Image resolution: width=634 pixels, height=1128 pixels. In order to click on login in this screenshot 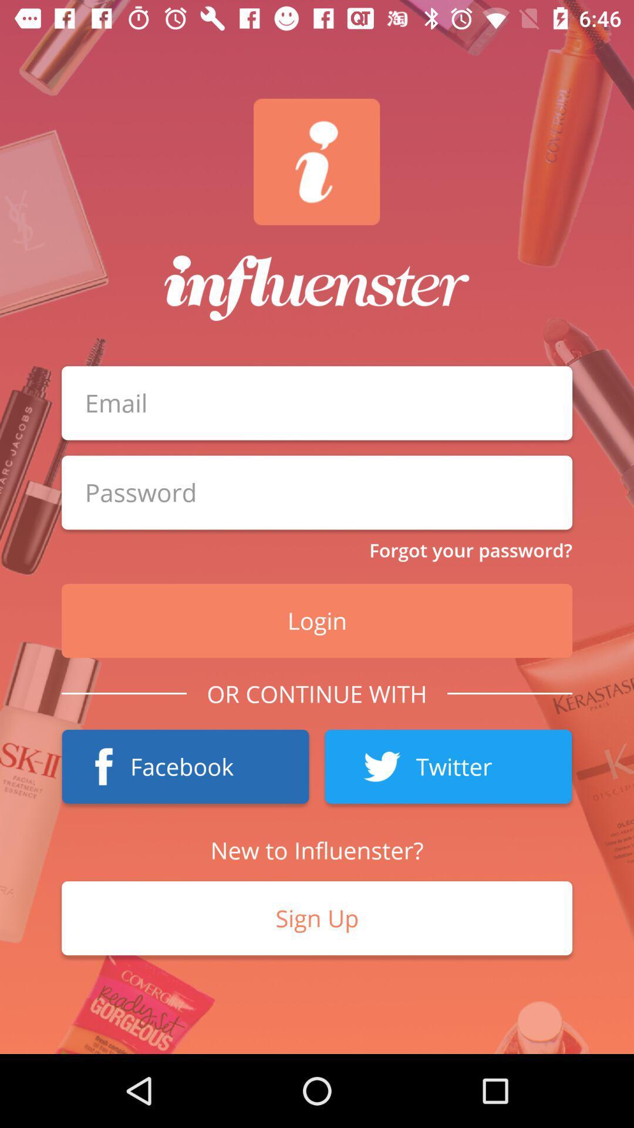, I will do `click(317, 492)`.